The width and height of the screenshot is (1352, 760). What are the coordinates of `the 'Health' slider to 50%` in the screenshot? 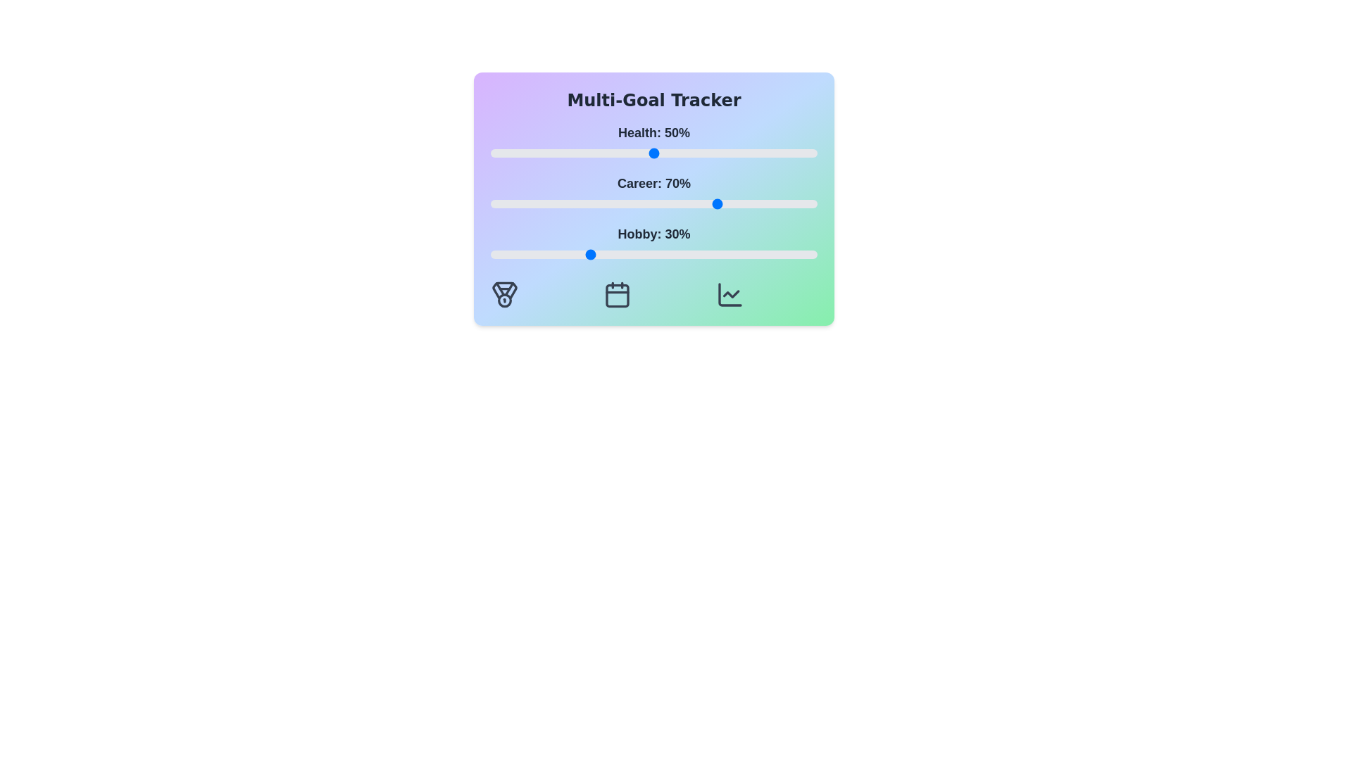 It's located at (653, 153).